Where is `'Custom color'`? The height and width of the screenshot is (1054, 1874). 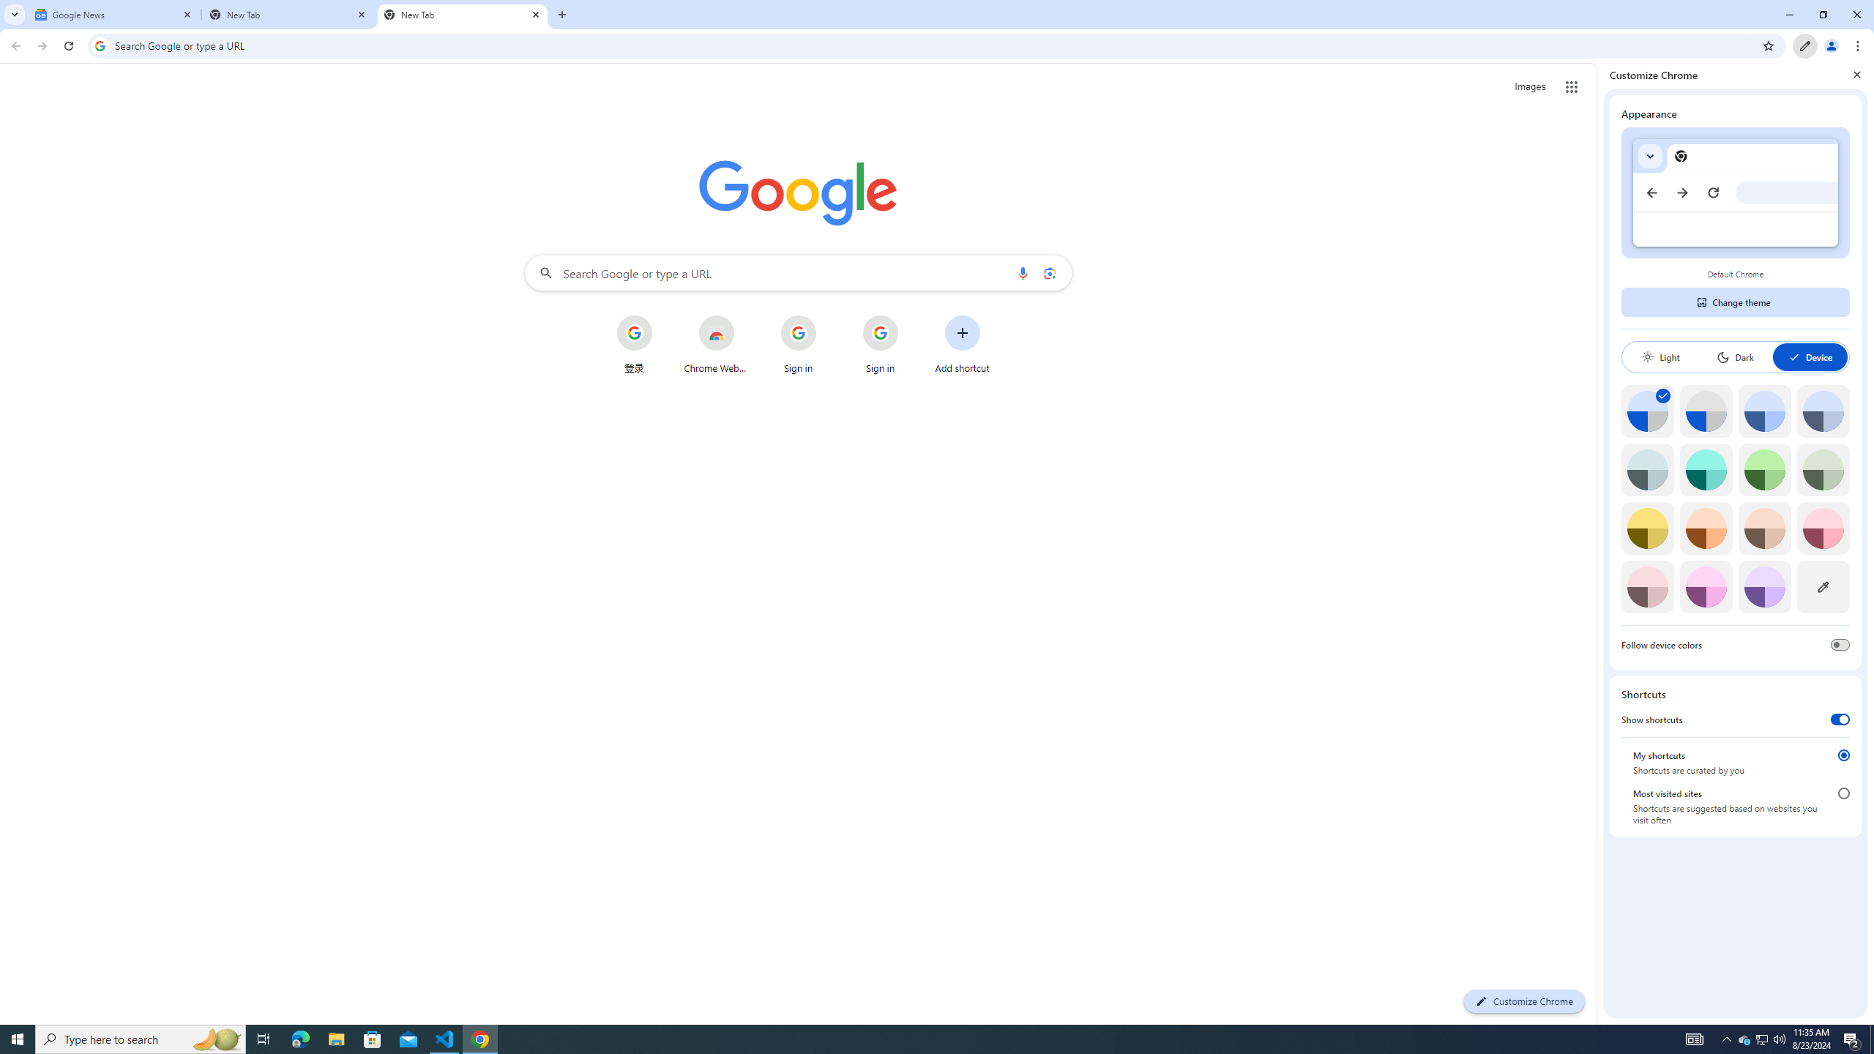
'Custom color' is located at coordinates (1823, 586).